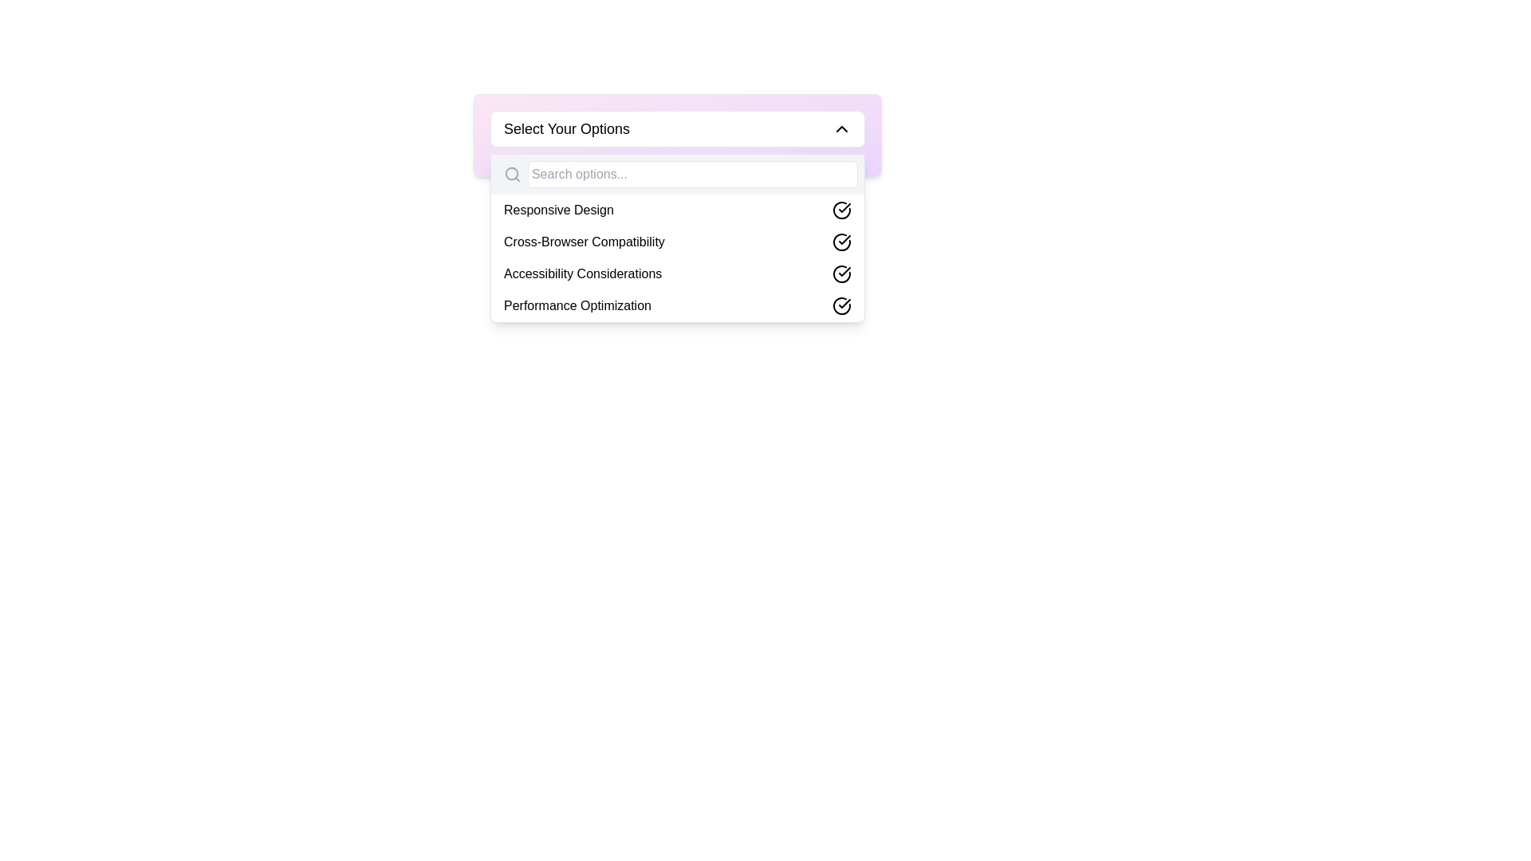 This screenshot has height=861, width=1531. Describe the element at coordinates (513, 175) in the screenshot. I see `the search icon located on the left side of the search input field` at that location.